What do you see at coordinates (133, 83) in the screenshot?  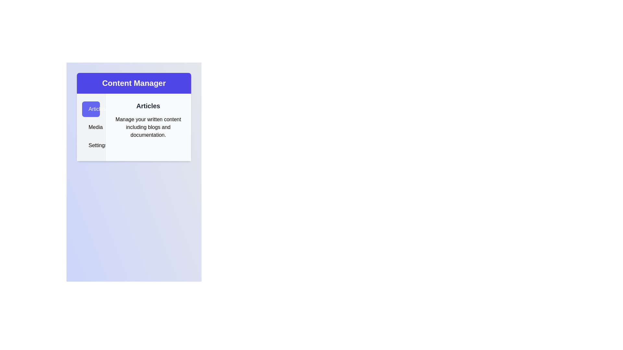 I see `the 'Content Manager' header to focus on it` at bounding box center [133, 83].